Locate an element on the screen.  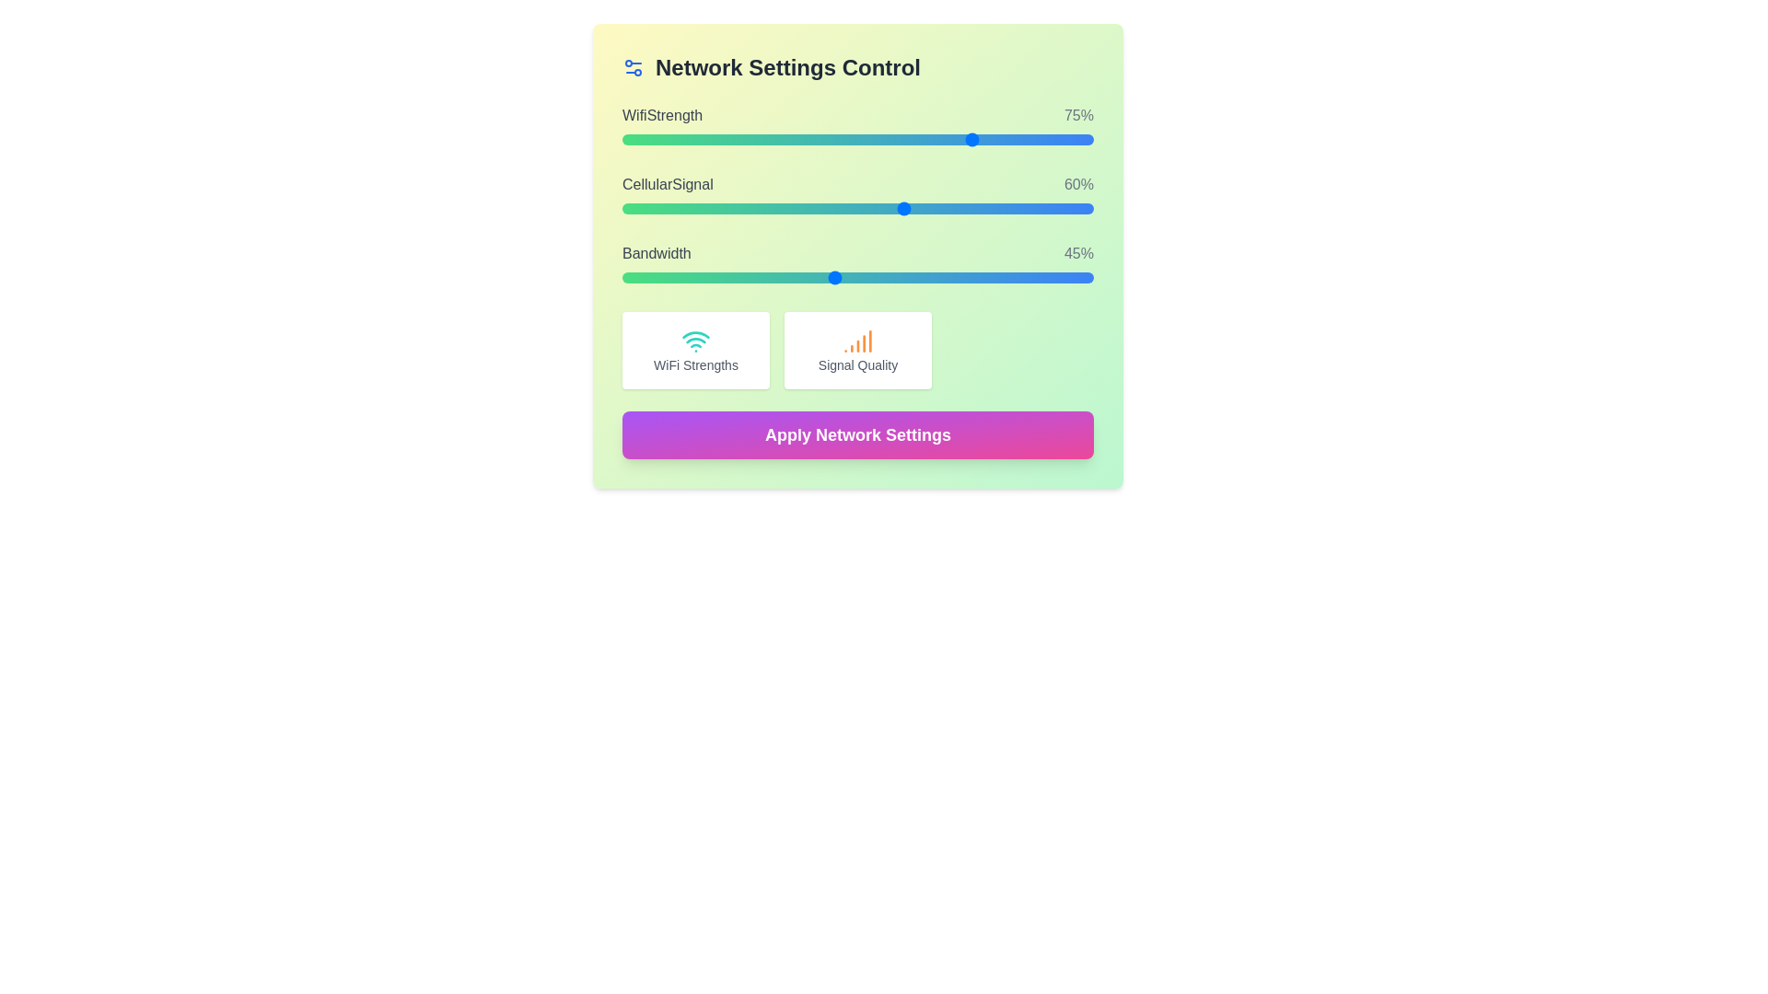
WiFi strength is located at coordinates (965, 138).